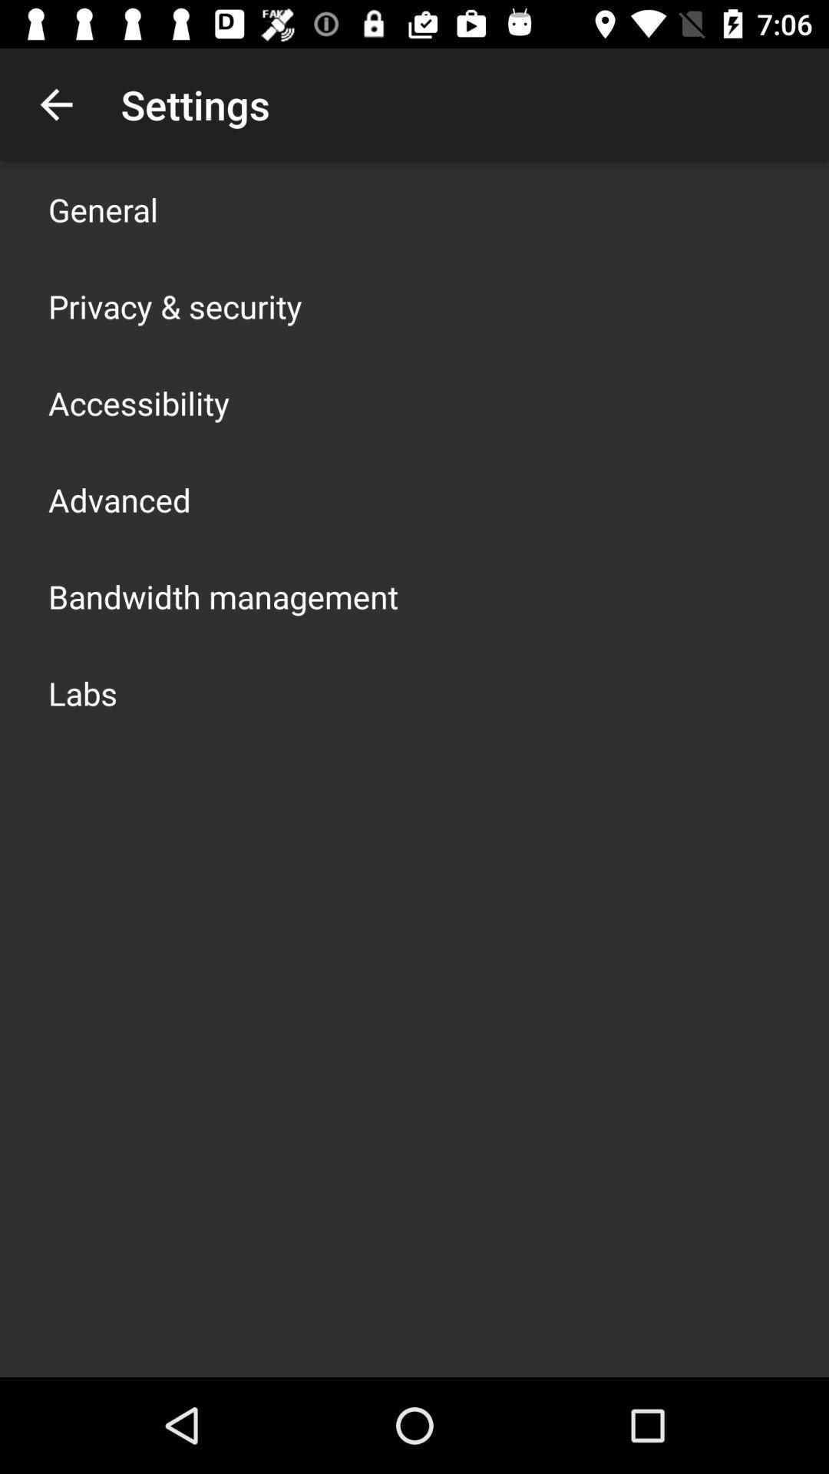  What do you see at coordinates (55, 104) in the screenshot?
I see `app above the general app` at bounding box center [55, 104].